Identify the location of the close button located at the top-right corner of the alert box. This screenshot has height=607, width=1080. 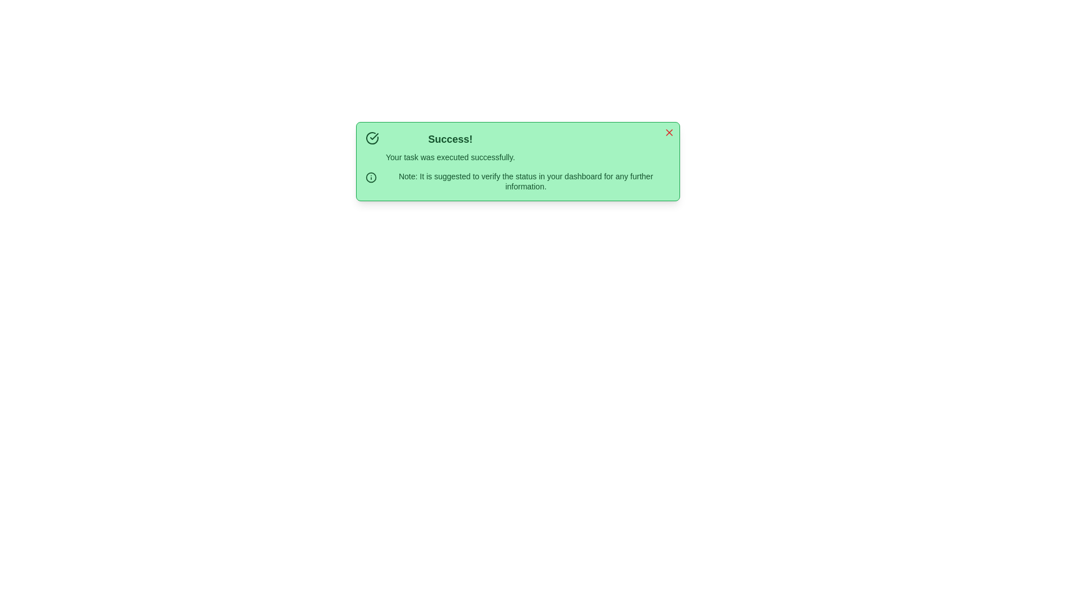
(669, 132).